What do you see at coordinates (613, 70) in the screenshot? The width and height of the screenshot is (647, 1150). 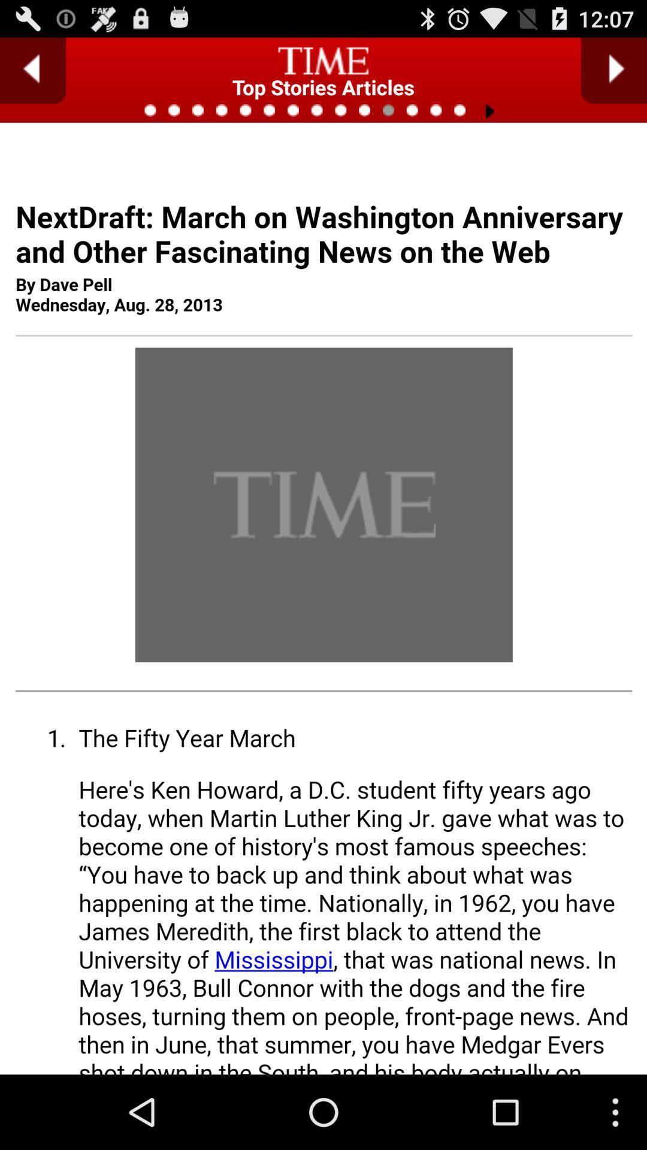 I see `next article` at bounding box center [613, 70].